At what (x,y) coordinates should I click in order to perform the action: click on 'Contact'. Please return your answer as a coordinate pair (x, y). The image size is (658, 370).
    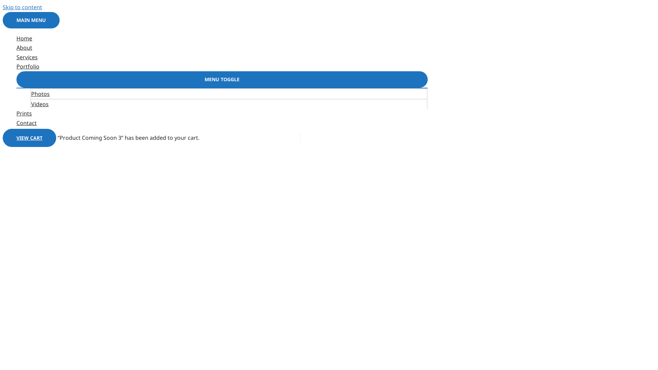
    Looking at the image, I should click on (222, 123).